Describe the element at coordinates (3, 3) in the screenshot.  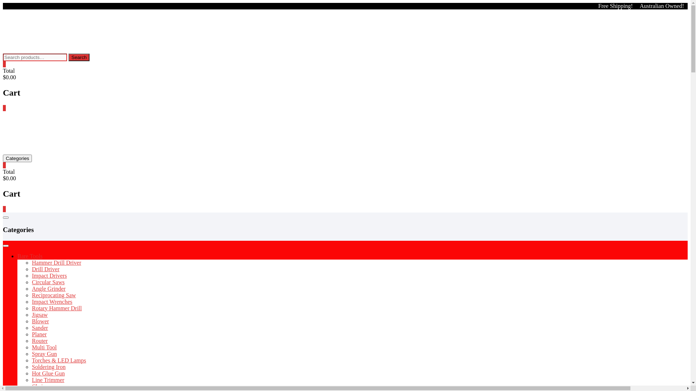
I see `'Skip to content'` at that location.